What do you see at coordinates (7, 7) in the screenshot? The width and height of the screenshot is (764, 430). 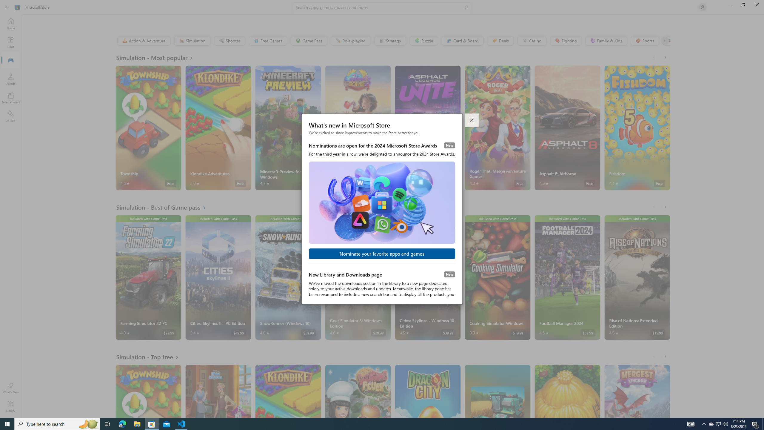 I see `'Back'` at bounding box center [7, 7].